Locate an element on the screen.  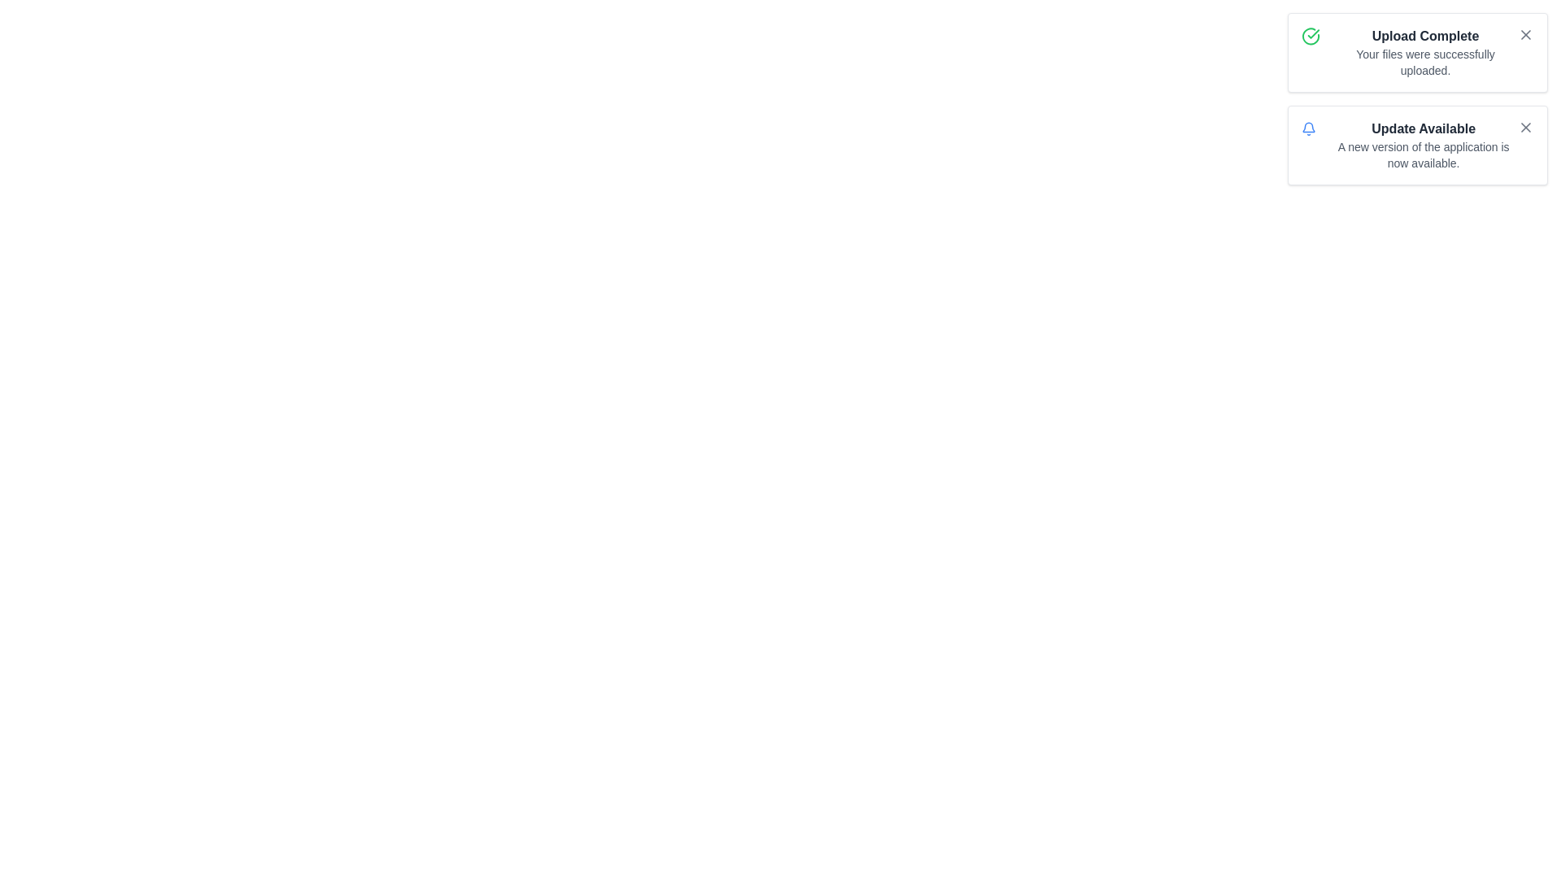
the small interactive 'X' icon button located at the top-right corner of the 'Update Available' notification card is located at coordinates (1524, 127).